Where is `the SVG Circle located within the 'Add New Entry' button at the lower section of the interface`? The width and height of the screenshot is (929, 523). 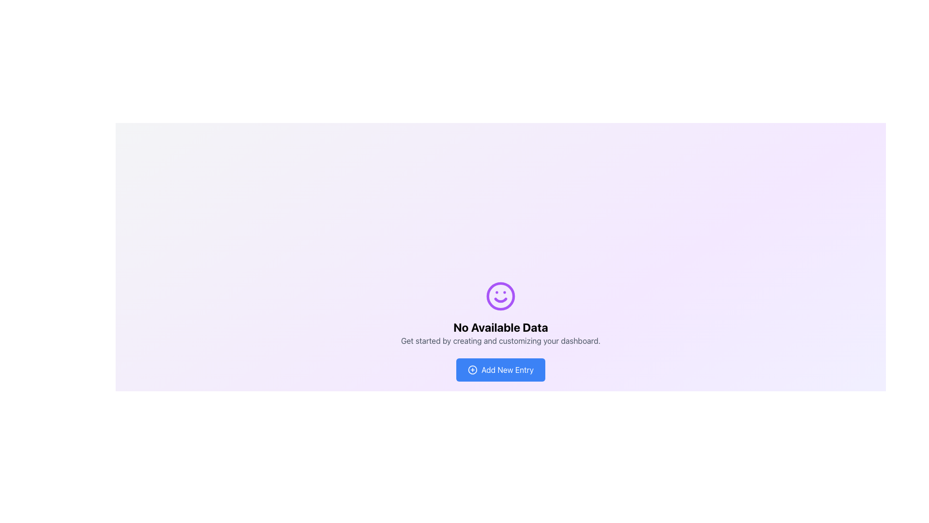
the SVG Circle located within the 'Add New Entry' button at the lower section of the interface is located at coordinates (473, 369).